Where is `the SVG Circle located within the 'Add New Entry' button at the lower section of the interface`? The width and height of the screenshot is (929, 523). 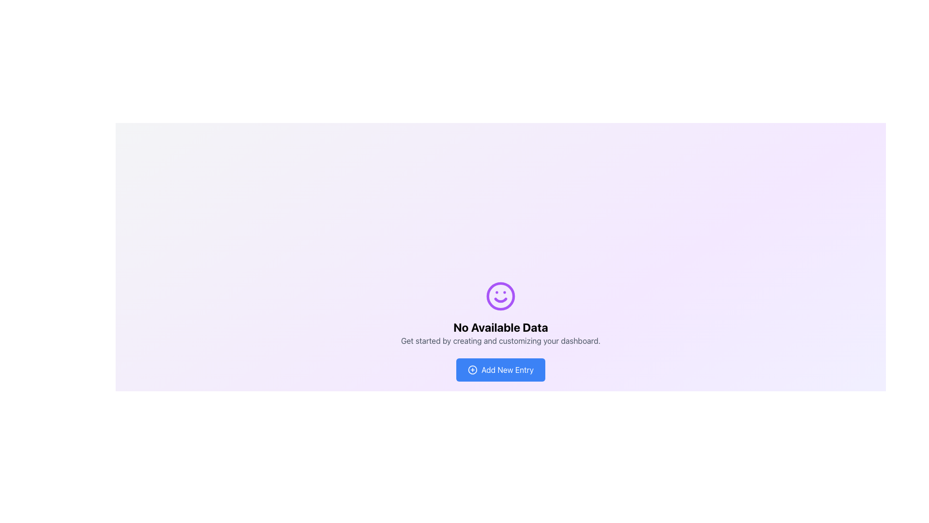
the SVG Circle located within the 'Add New Entry' button at the lower section of the interface is located at coordinates (473, 369).